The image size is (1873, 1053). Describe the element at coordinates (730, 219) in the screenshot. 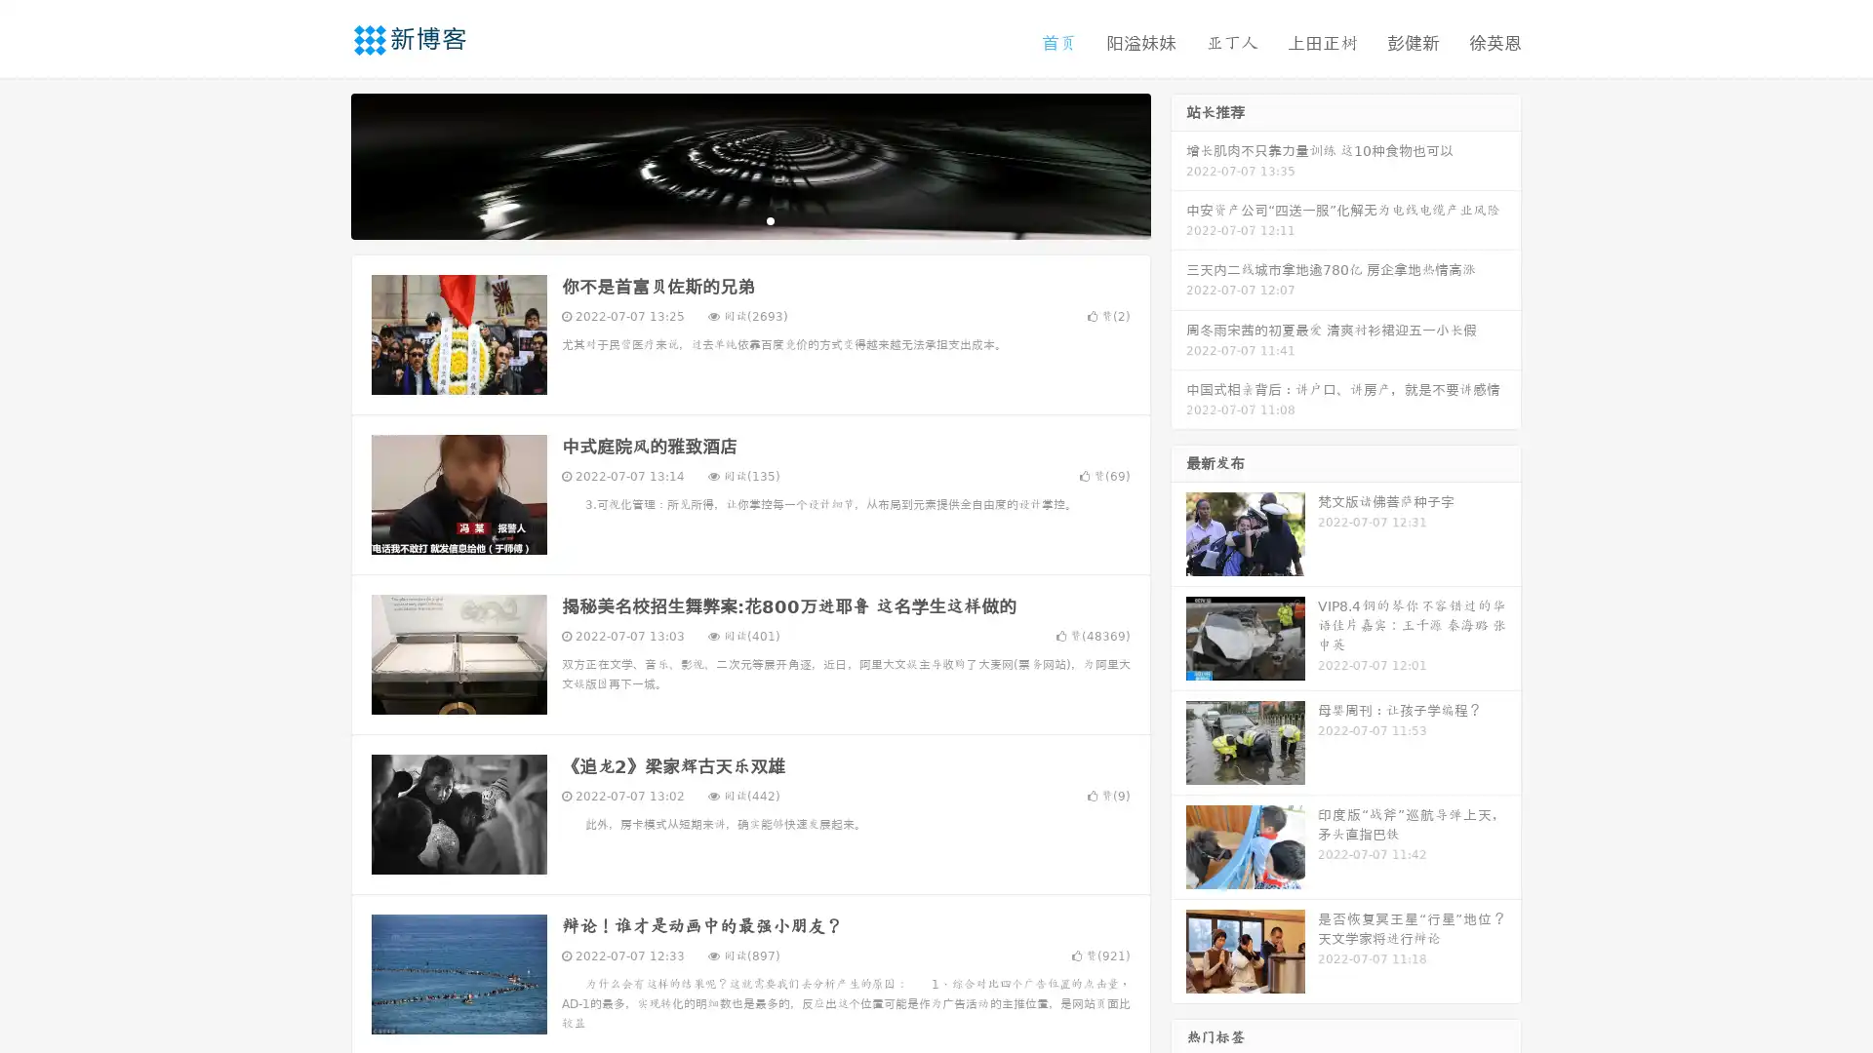

I see `Go to slide 1` at that location.